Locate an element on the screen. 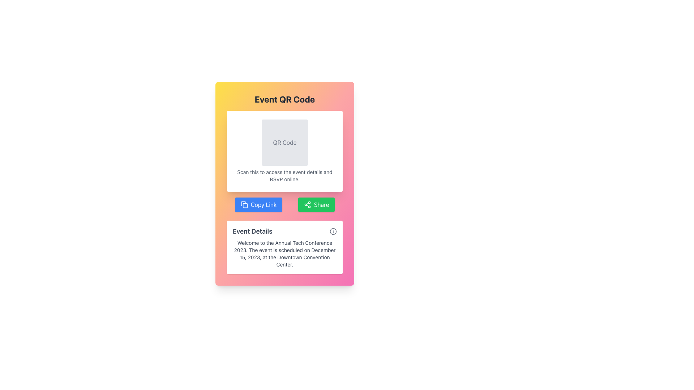 This screenshot has height=390, width=694. the 'Share' button located to the right of the 'Copy Link' button is located at coordinates (316, 205).